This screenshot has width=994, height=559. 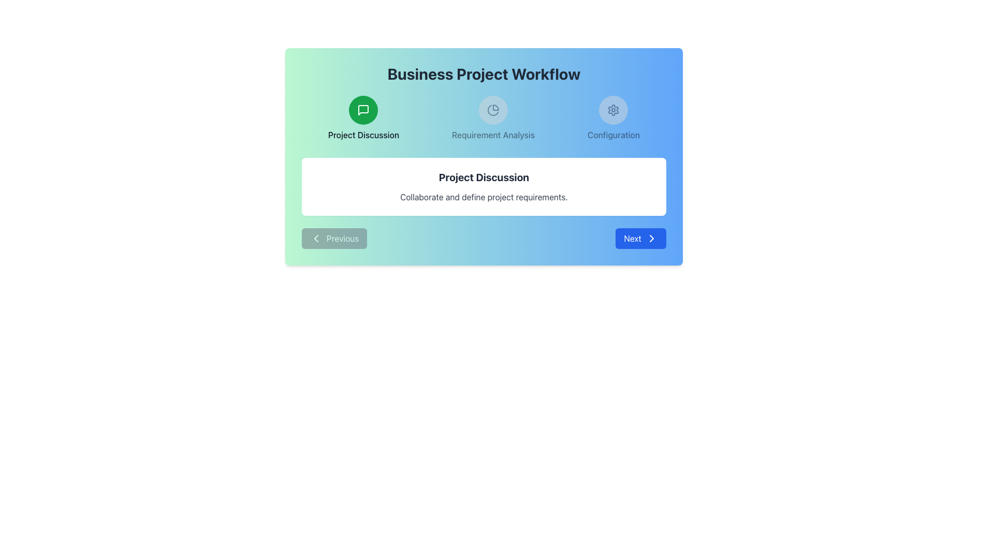 What do you see at coordinates (363, 110) in the screenshot?
I see `the green circular icon with a white speech bubble, which is the leftmost of three icons representing workflow stages, located at the top of the interface above the 'Project Discussion' text label` at bounding box center [363, 110].